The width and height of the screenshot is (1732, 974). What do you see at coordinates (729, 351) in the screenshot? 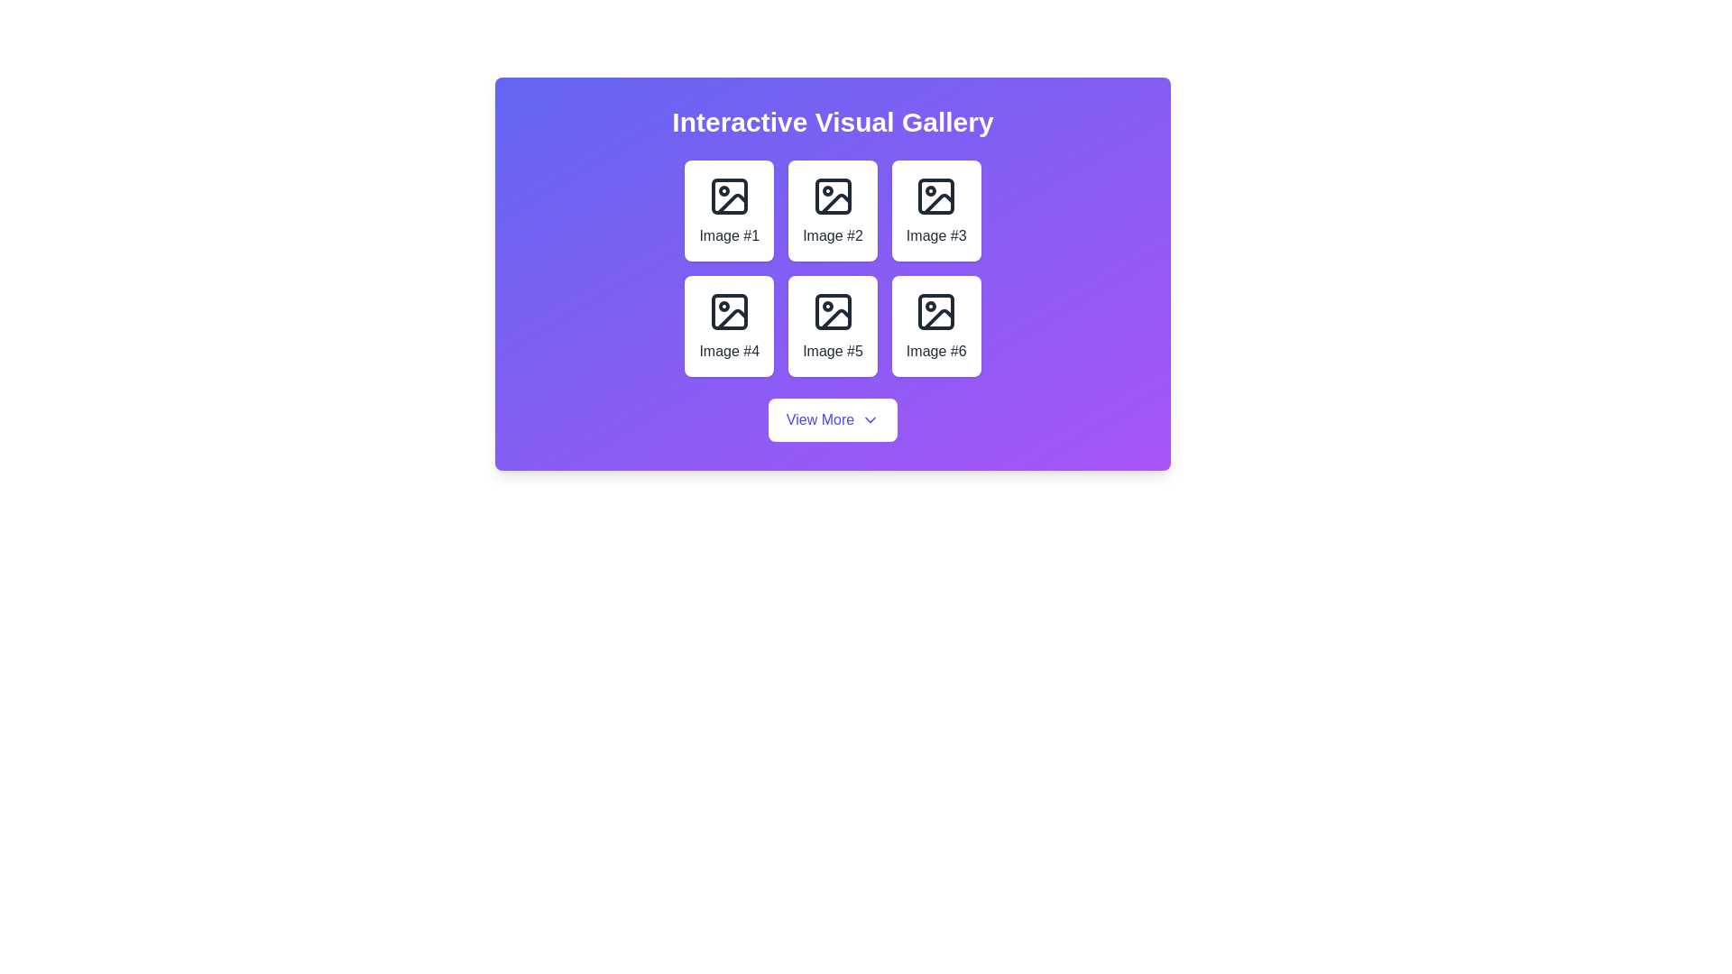
I see `text label that describes the associated image or icon located centrally in the bottom row beneath the icon in the second column of the grid layout` at bounding box center [729, 351].